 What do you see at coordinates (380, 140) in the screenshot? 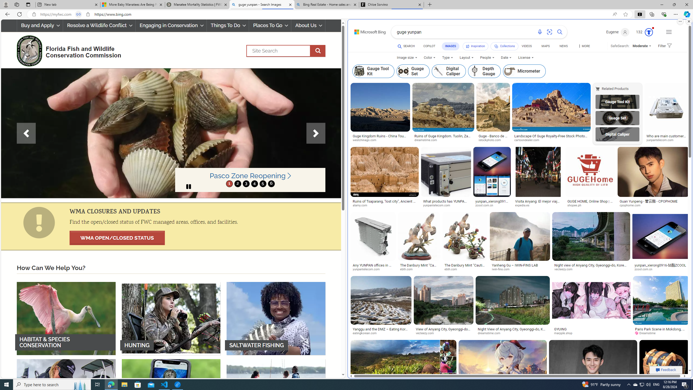
I see `'westchinago.com'` at bounding box center [380, 140].